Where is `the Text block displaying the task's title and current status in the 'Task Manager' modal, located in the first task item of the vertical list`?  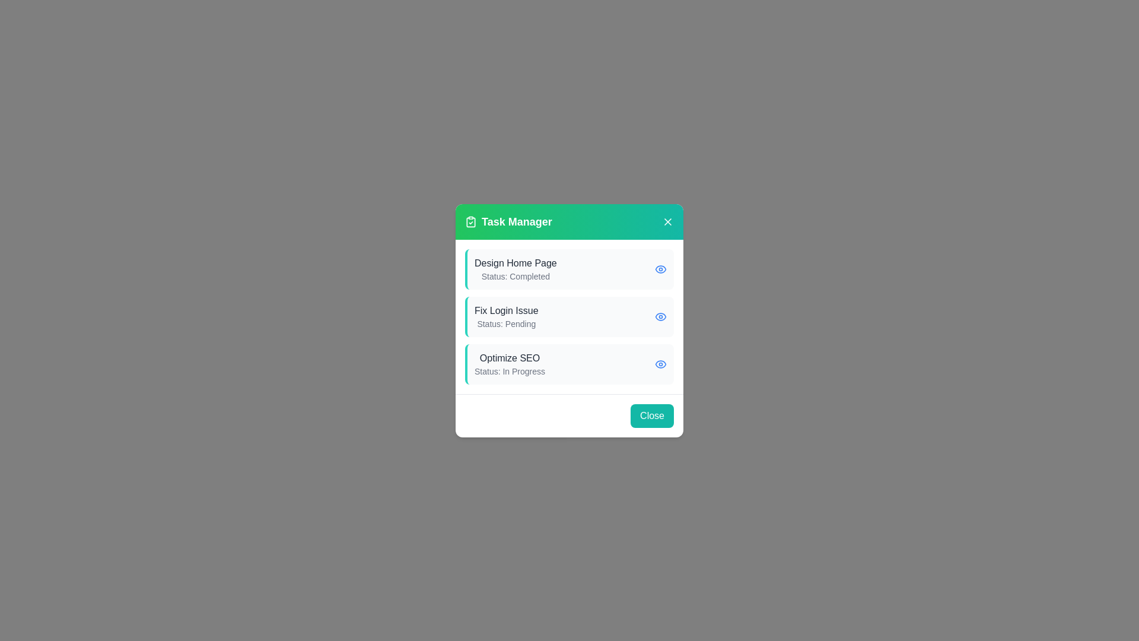
the Text block displaying the task's title and current status in the 'Task Manager' modal, located in the first task item of the vertical list is located at coordinates (516, 269).